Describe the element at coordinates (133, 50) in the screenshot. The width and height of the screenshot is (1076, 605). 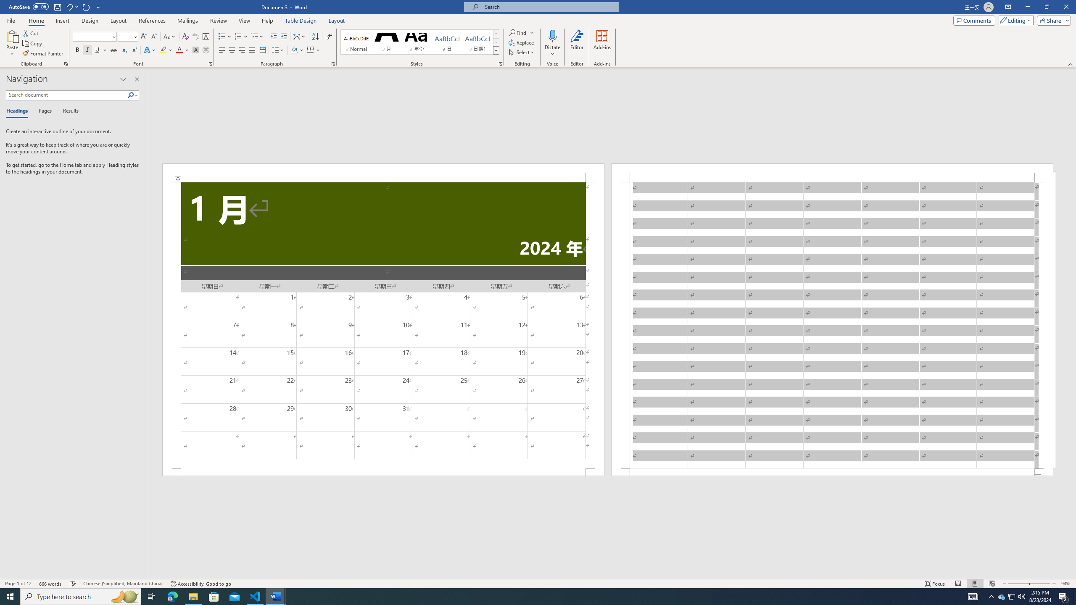
I see `'Superscript'` at that location.